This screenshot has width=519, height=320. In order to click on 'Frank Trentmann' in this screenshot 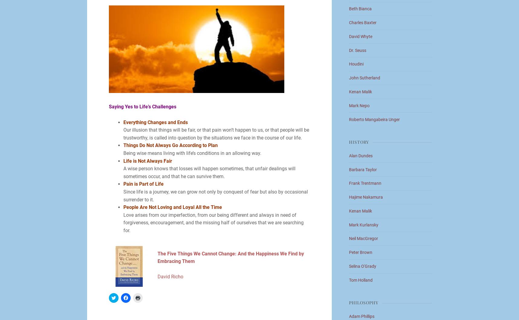, I will do `click(365, 183)`.